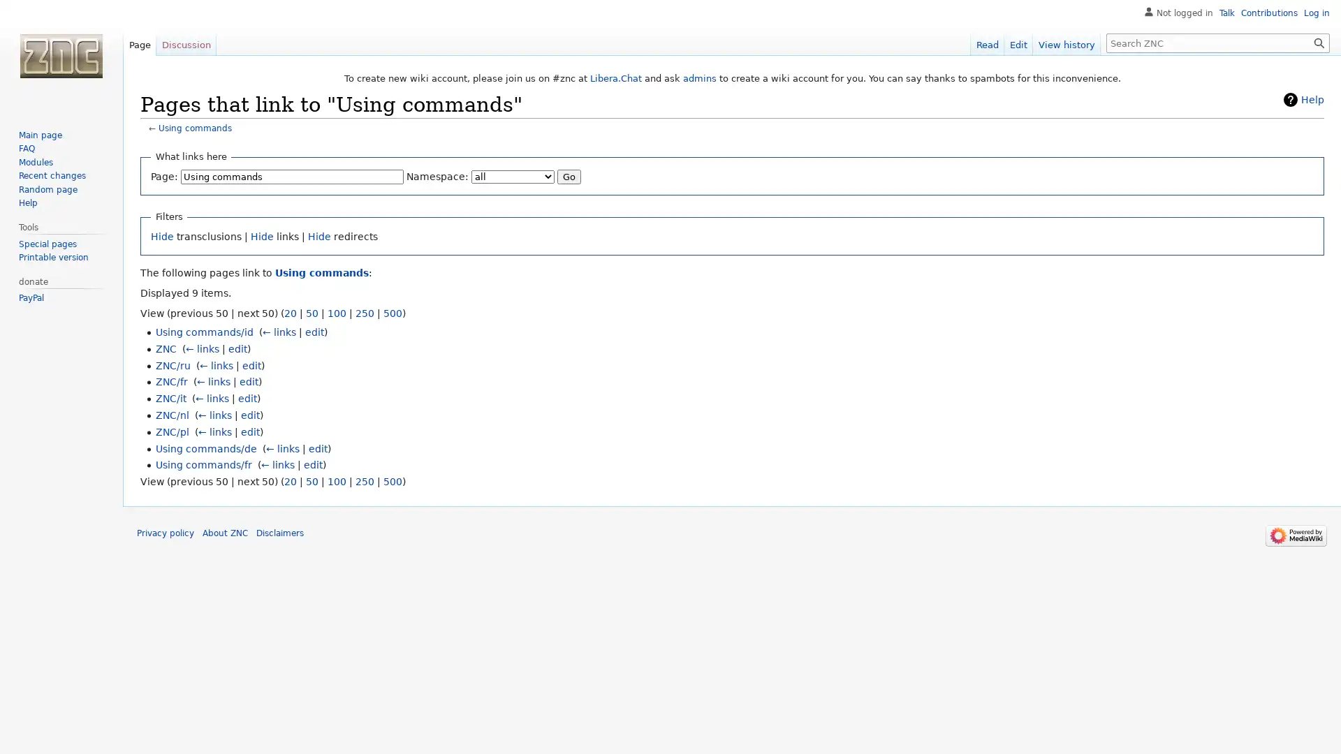  Describe the element at coordinates (1319, 42) in the screenshot. I see `Go` at that location.